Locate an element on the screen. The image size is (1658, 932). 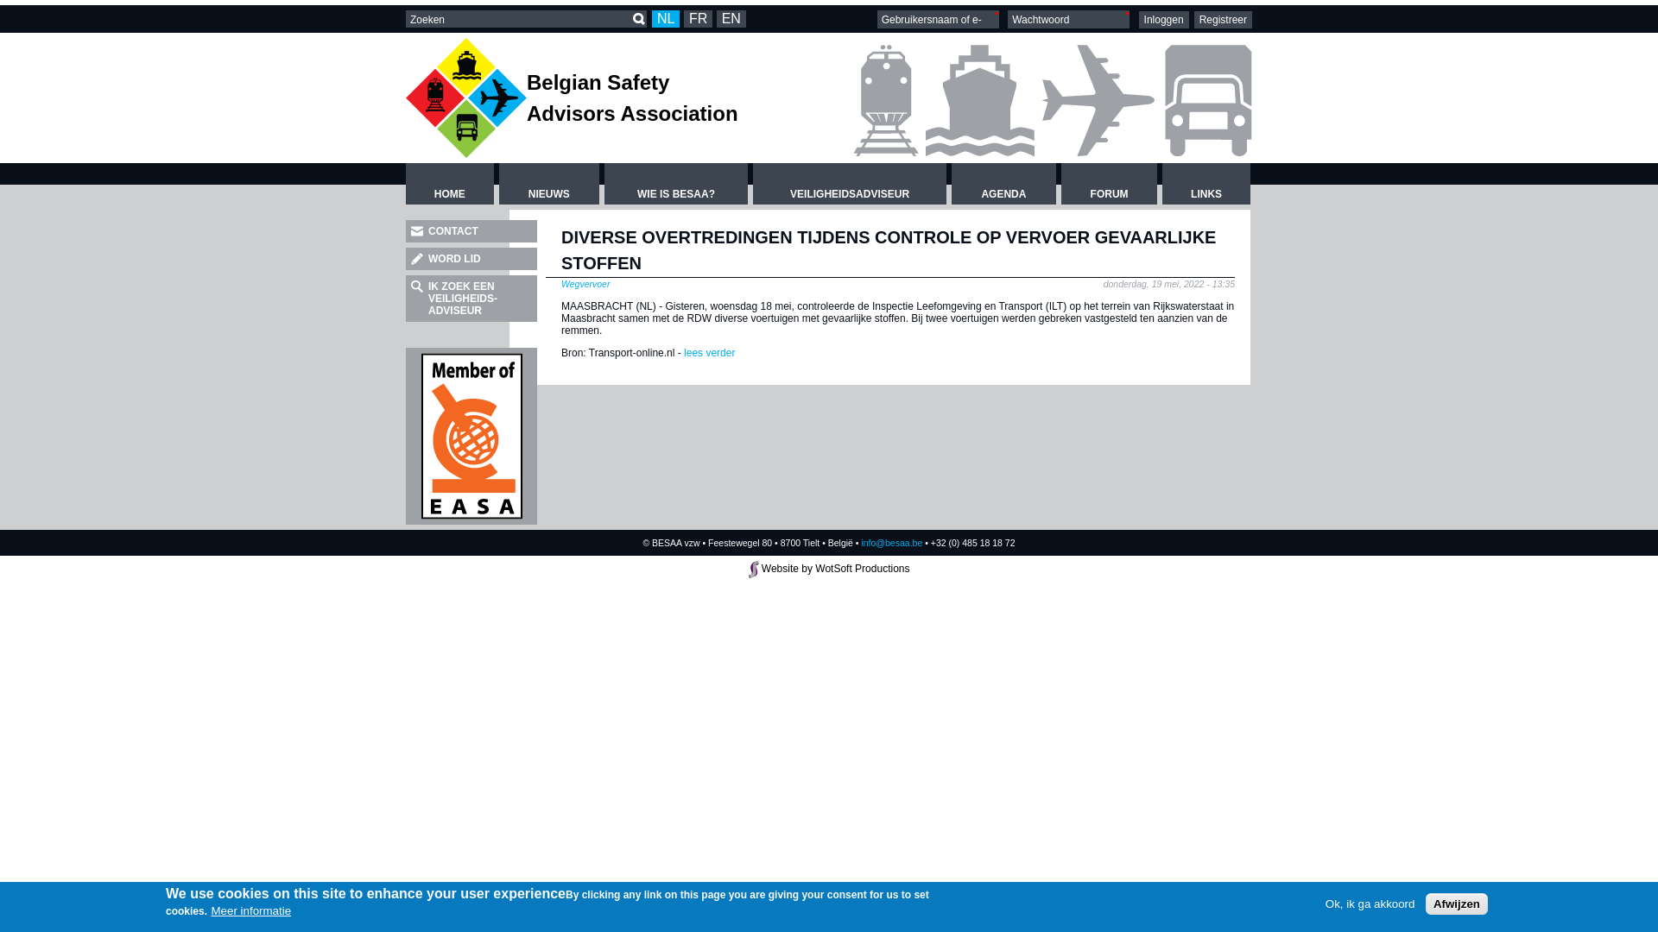
'AGENDA' is located at coordinates (1003, 183).